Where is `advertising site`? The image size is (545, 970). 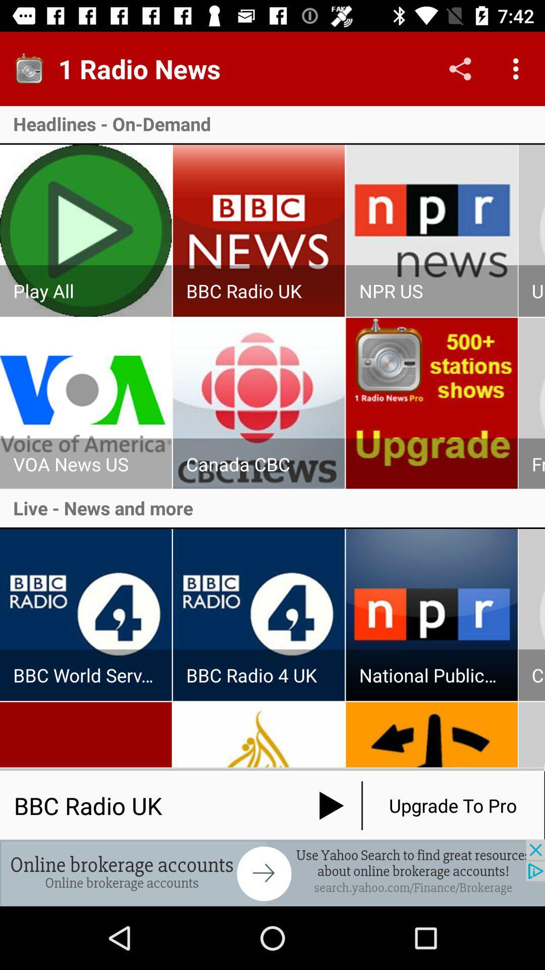
advertising site is located at coordinates (272, 872).